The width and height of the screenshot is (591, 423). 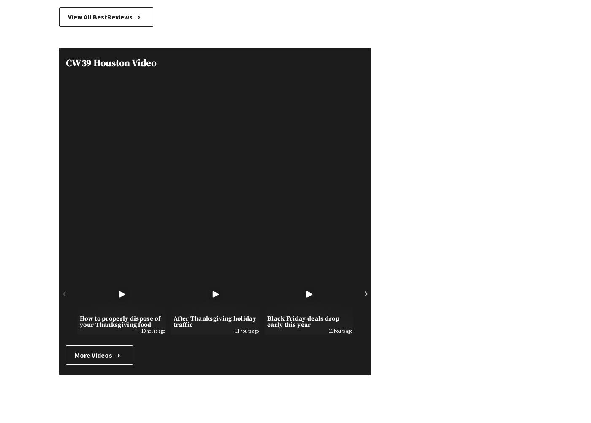 What do you see at coordinates (214, 321) in the screenshot?
I see `'After Thanksgiving holiday traffic'` at bounding box center [214, 321].